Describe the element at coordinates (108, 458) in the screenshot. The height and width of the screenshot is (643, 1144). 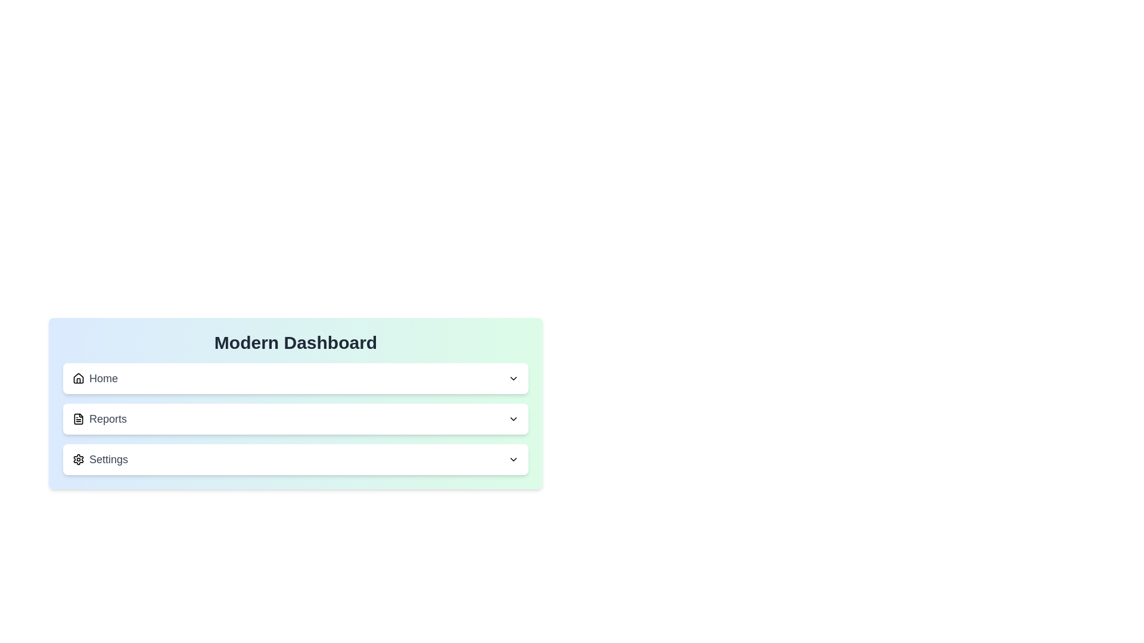
I see `the 'Settings' text label, which is styled with a medium-weight font and a large size, located to the right of a gear icon in the menu list` at that location.